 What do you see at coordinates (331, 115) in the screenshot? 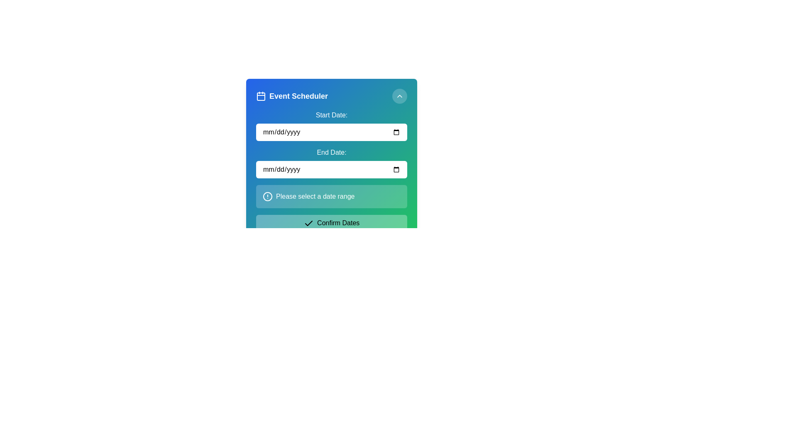
I see `the 'Start Date:' label, which displays the phrase in bold white font on a gradient blue-green background, located at the top section of a scheduling panel` at bounding box center [331, 115].